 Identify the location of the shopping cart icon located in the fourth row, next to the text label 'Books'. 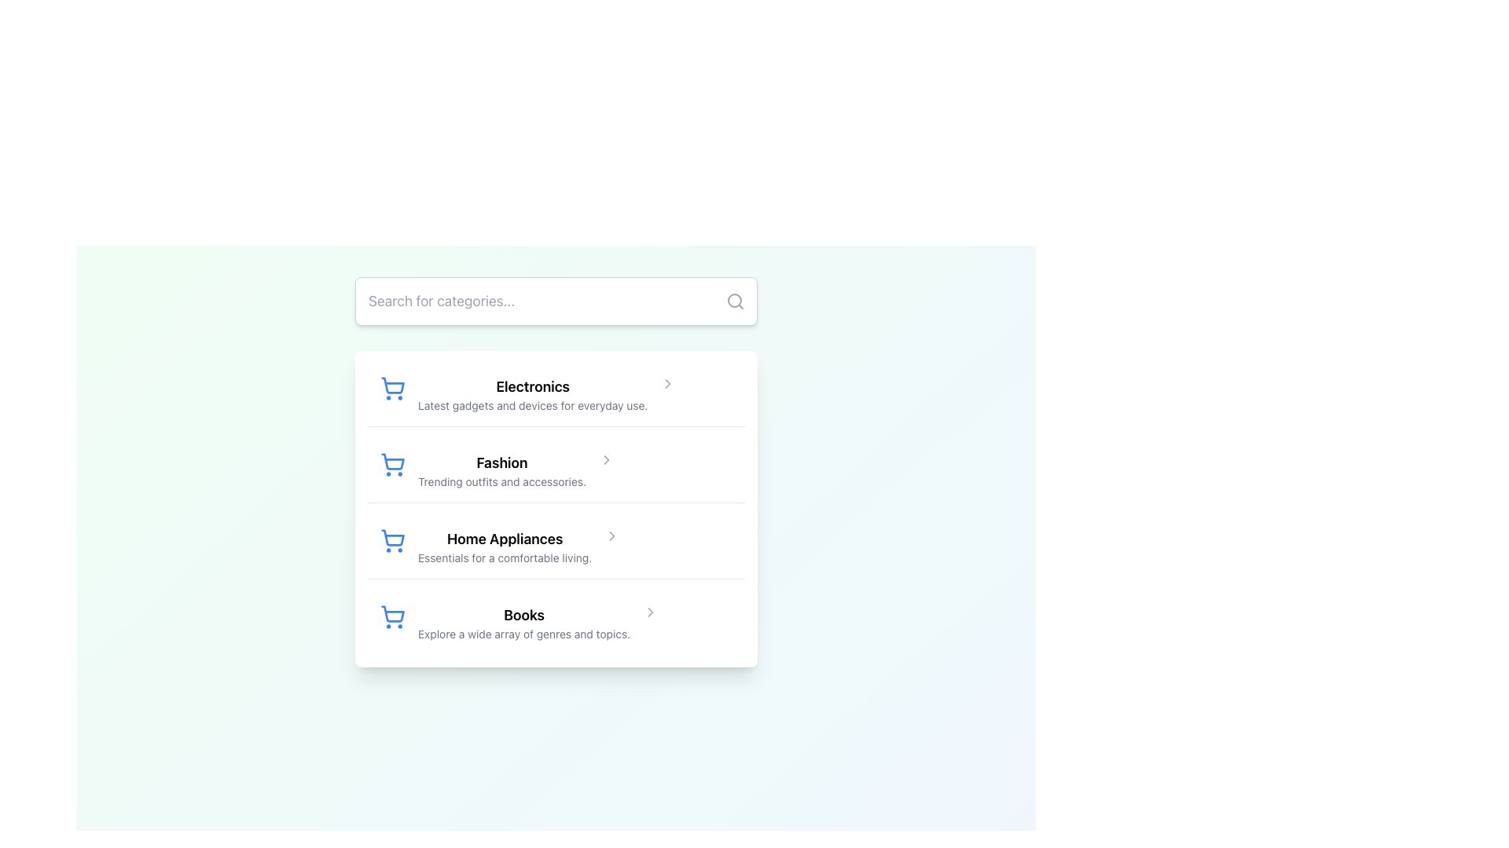
(393, 613).